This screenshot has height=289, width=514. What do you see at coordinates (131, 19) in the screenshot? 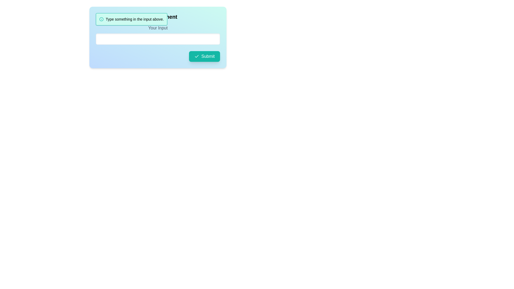
I see `informational text from the Tooltip or Notification Box with a light teal background, teal border, and an 'info' icon, located beneath the title 'Interactive Form Component'` at bounding box center [131, 19].